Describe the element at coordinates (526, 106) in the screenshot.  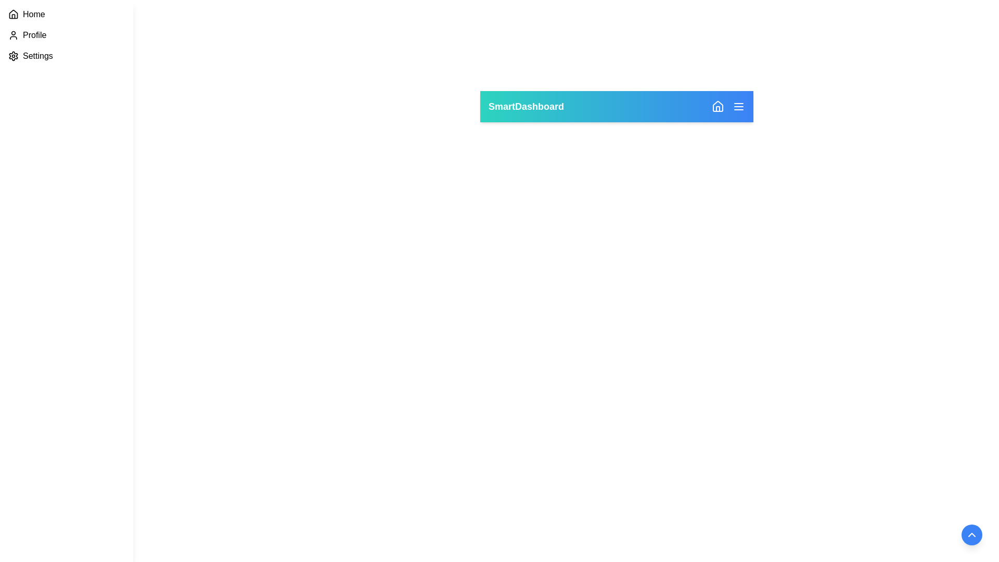
I see `the text element displaying 'SmartDashboard' in bold white font, located on the left side of the header bar with a gradient background transitioning from teal to blue` at that location.